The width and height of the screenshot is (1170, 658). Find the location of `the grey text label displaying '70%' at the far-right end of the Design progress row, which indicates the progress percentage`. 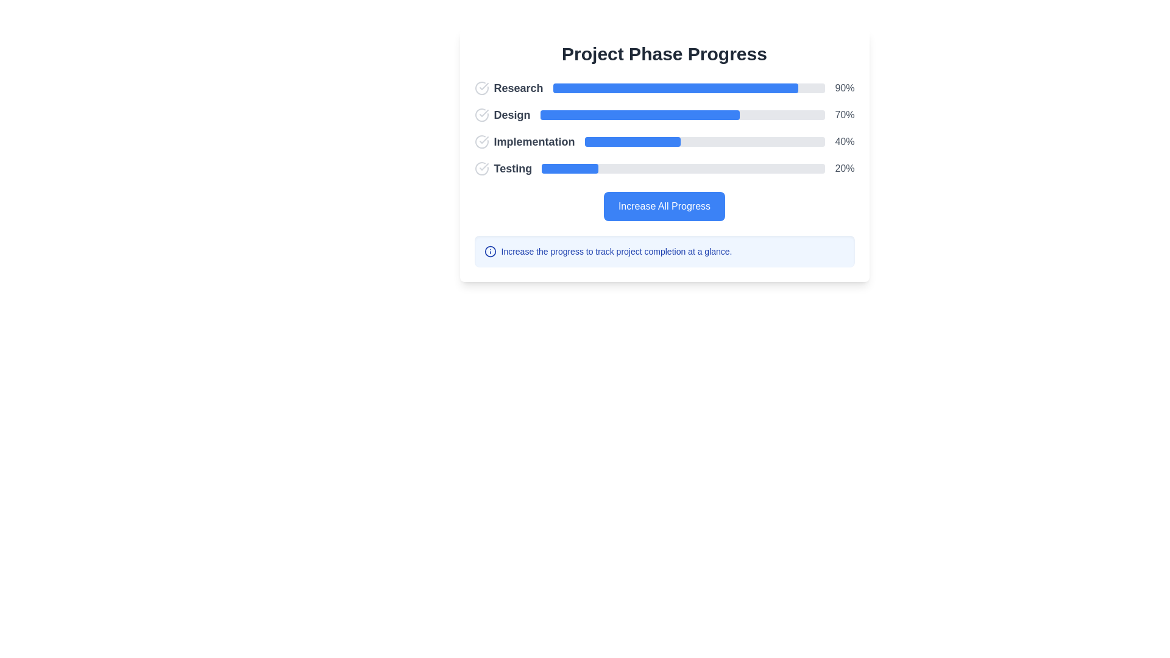

the grey text label displaying '70%' at the far-right end of the Design progress row, which indicates the progress percentage is located at coordinates (844, 115).